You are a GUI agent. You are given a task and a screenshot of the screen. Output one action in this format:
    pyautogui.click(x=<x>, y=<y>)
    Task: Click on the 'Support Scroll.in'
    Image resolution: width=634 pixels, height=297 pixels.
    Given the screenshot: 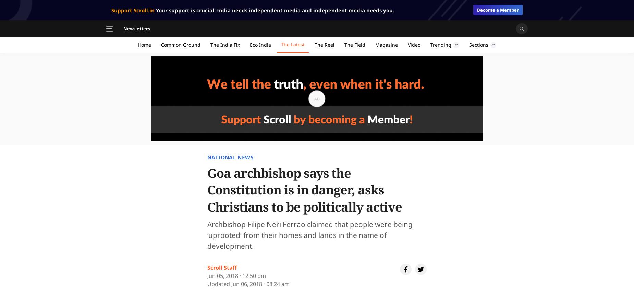 What is the action you would take?
    pyautogui.click(x=132, y=10)
    